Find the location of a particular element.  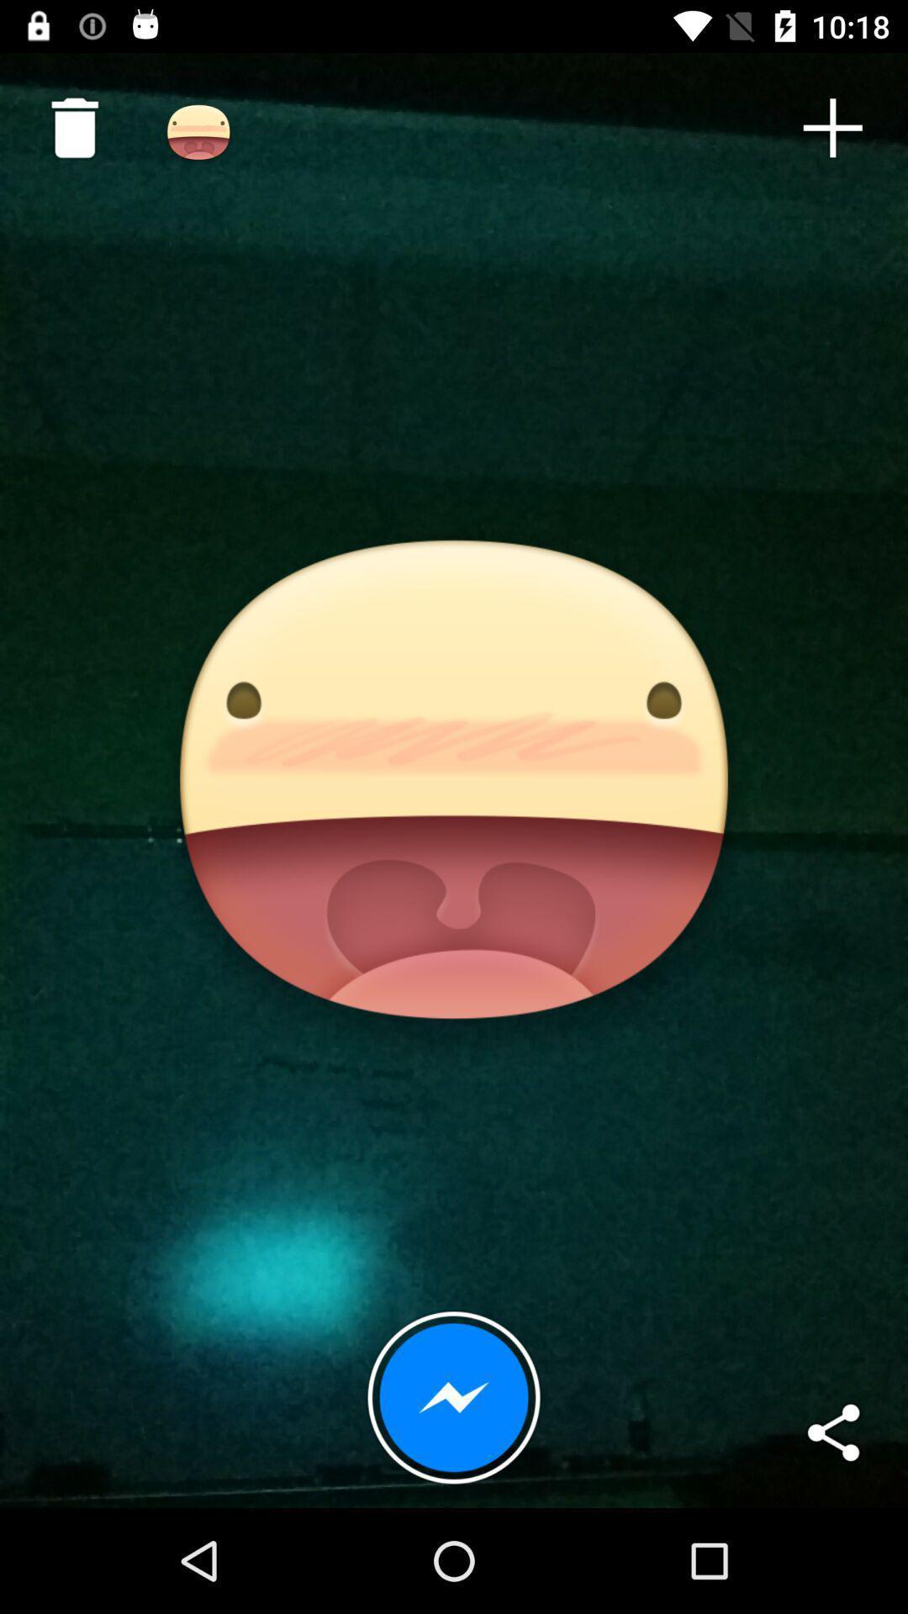

icon at the top right corner is located at coordinates (832, 127).